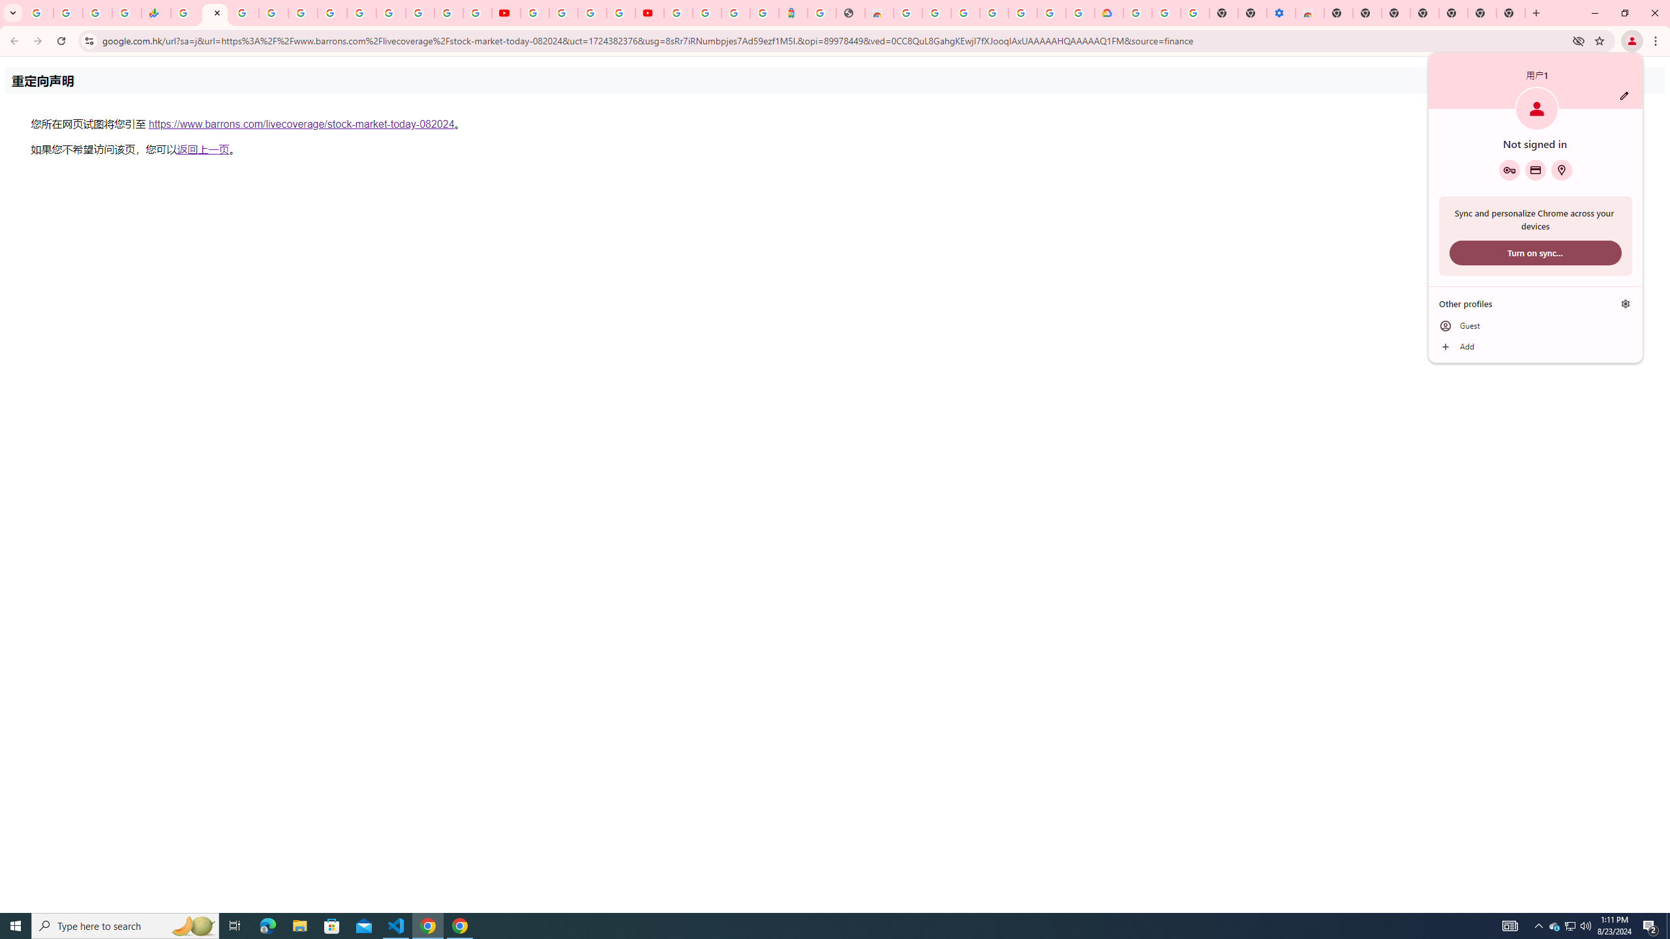 Image resolution: width=1670 pixels, height=939 pixels. I want to click on 'Guest', so click(1534, 325).